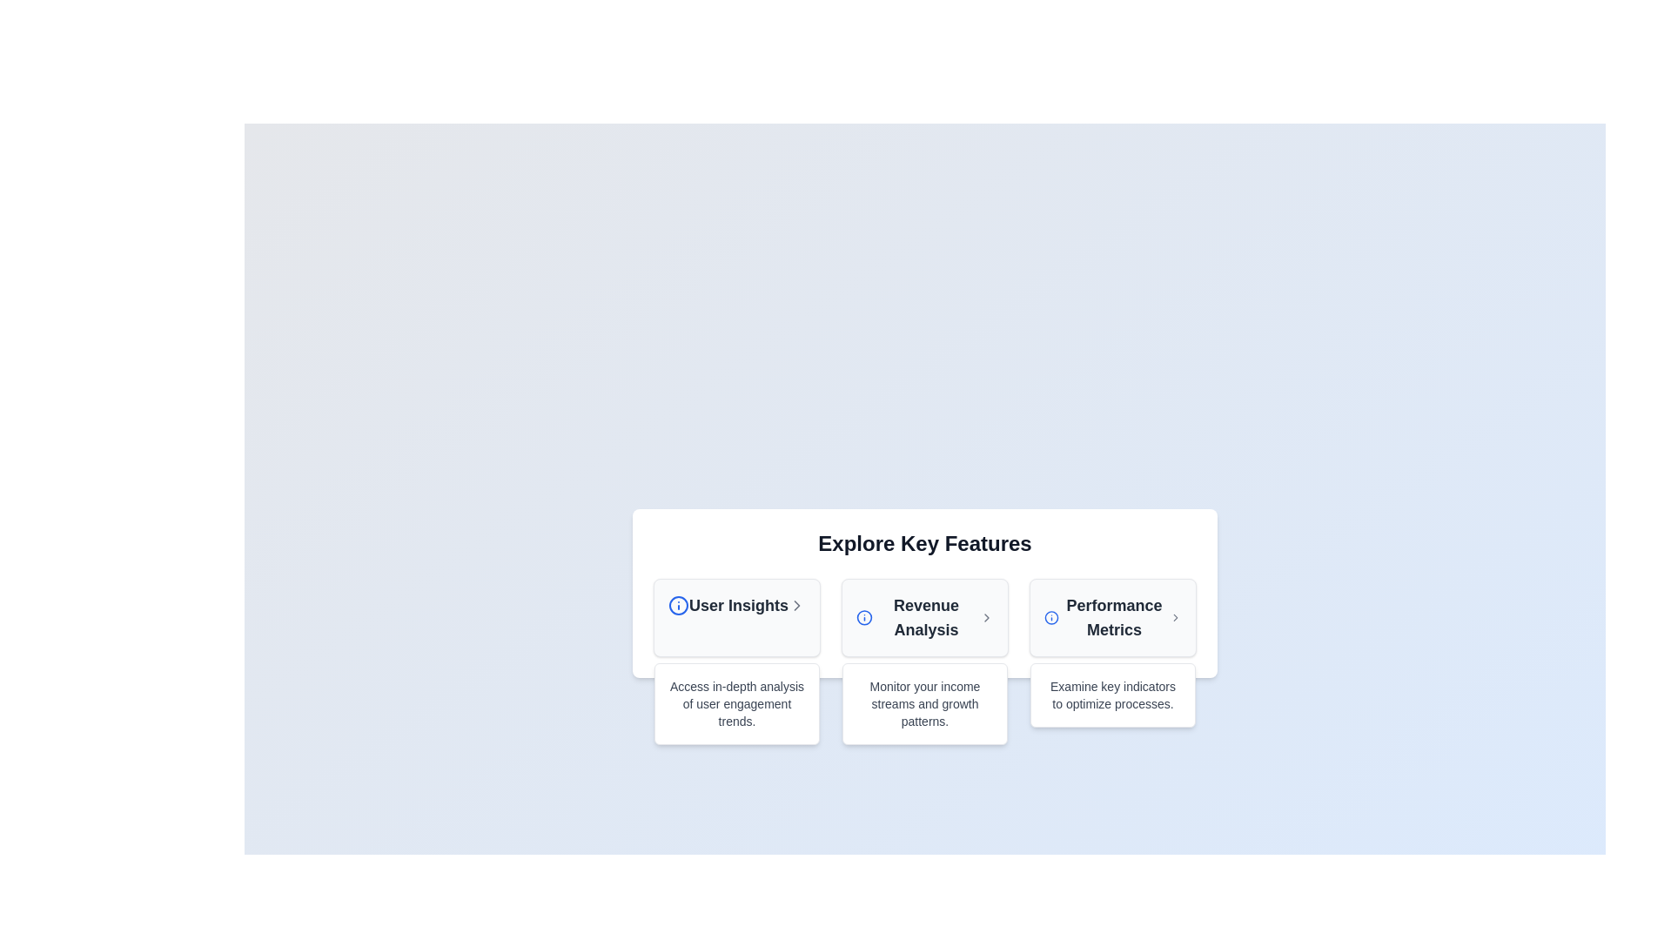 The width and height of the screenshot is (1671, 940). Describe the element at coordinates (923, 703) in the screenshot. I see `description text that says 'Monitor your income streams and growth patterns.' located in the third column under the heading 'Revenue Analysis.'` at that location.